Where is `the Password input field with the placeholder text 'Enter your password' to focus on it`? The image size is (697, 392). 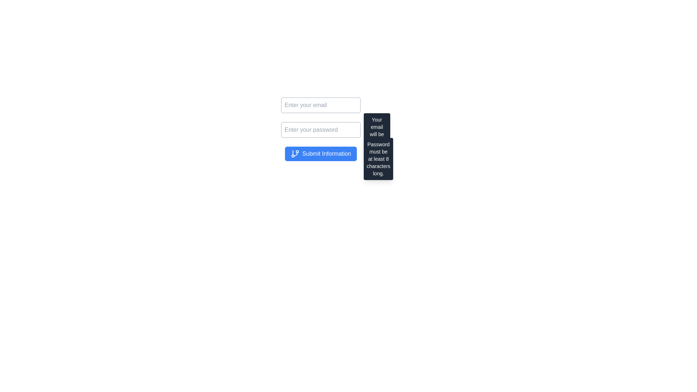 the Password input field with the placeholder text 'Enter your password' to focus on it is located at coordinates (320, 130).